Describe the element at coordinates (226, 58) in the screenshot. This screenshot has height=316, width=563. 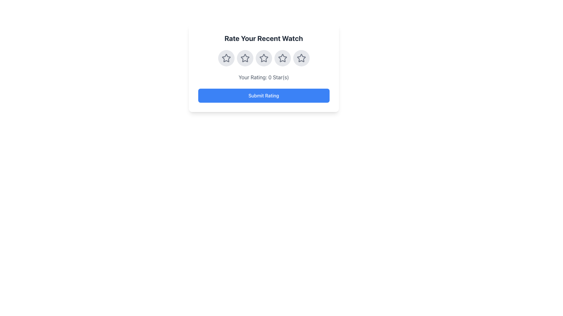
I see `the first star icon in the rating system` at that location.